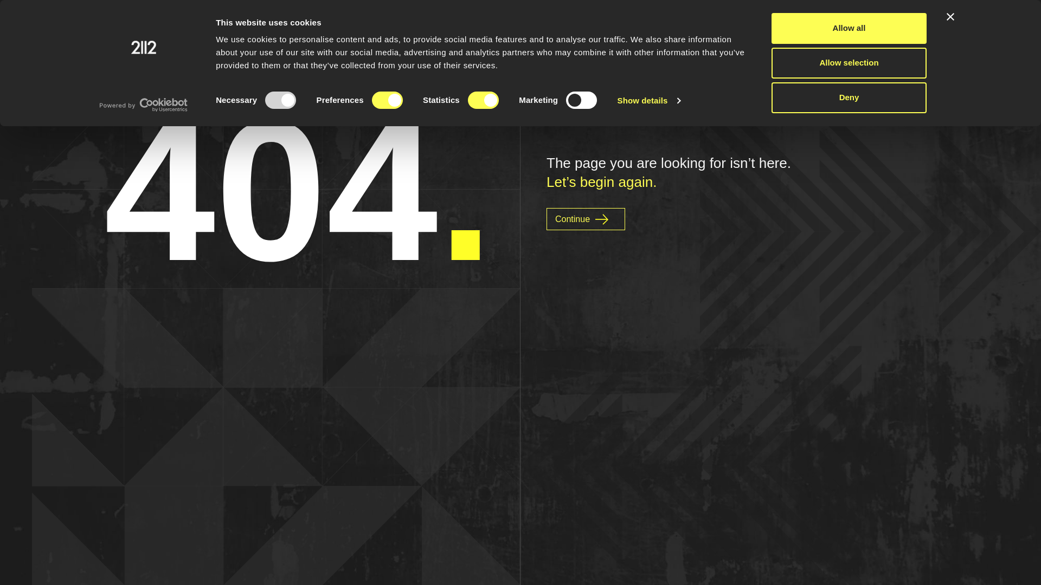  Describe the element at coordinates (848, 97) in the screenshot. I see `'Deny'` at that location.